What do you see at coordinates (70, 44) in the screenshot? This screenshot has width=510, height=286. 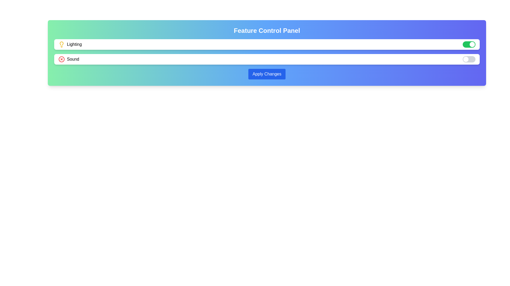 I see `the UI Label with Icon that features a yellow lightbulb icon and the text 'Lighting', located in the upper half of the panel to the left of the toggle control` at bounding box center [70, 44].